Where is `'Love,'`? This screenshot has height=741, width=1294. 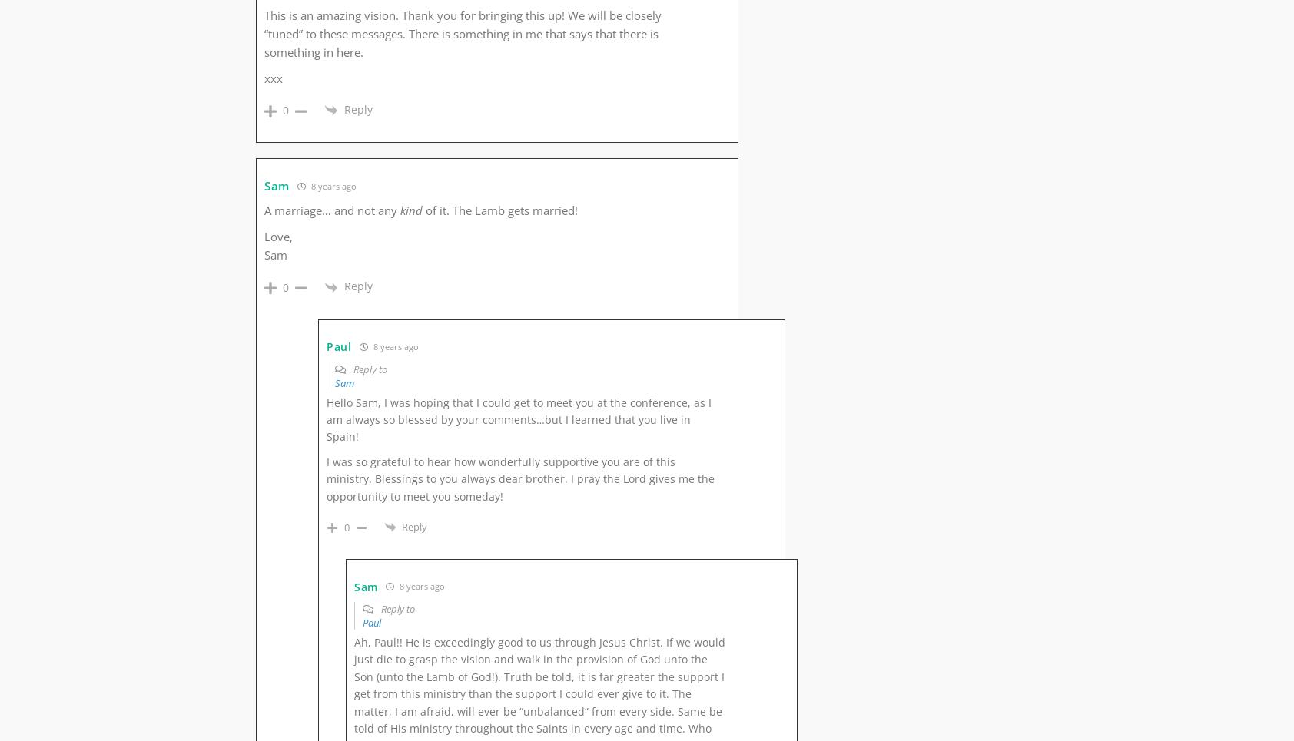 'Love,' is located at coordinates (278, 236).